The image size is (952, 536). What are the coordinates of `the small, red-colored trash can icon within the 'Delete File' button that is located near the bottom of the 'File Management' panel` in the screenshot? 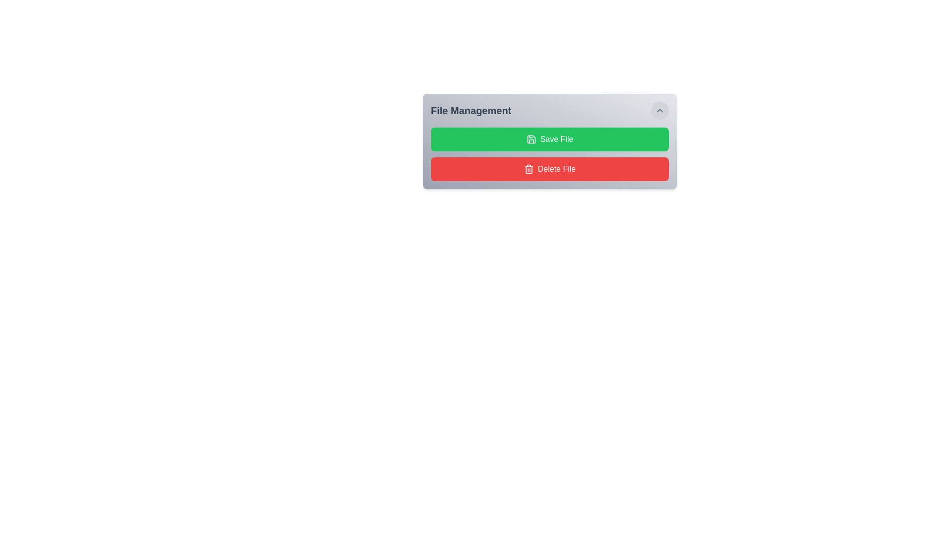 It's located at (528, 168).